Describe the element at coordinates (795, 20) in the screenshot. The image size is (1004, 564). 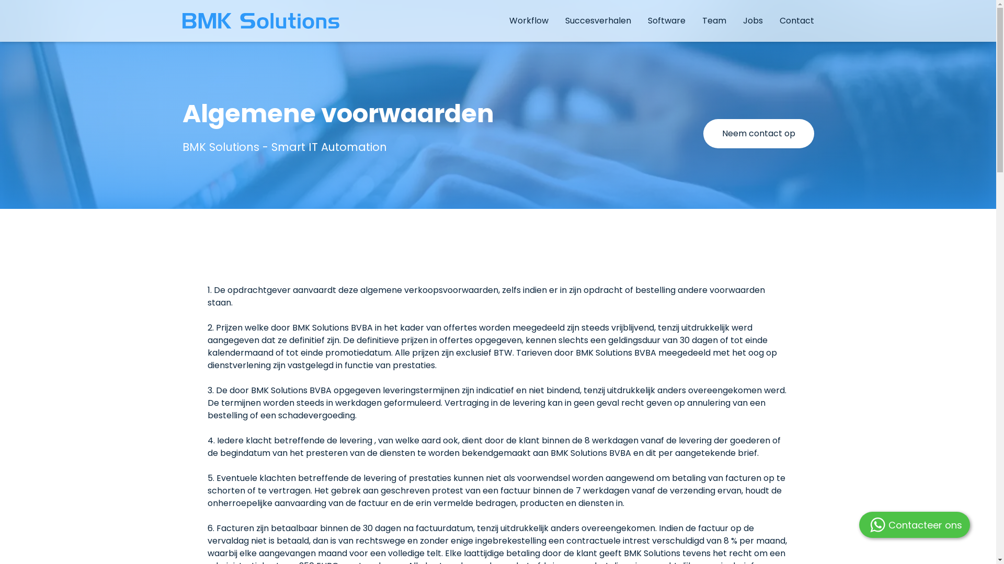
I see `'Contact'` at that location.